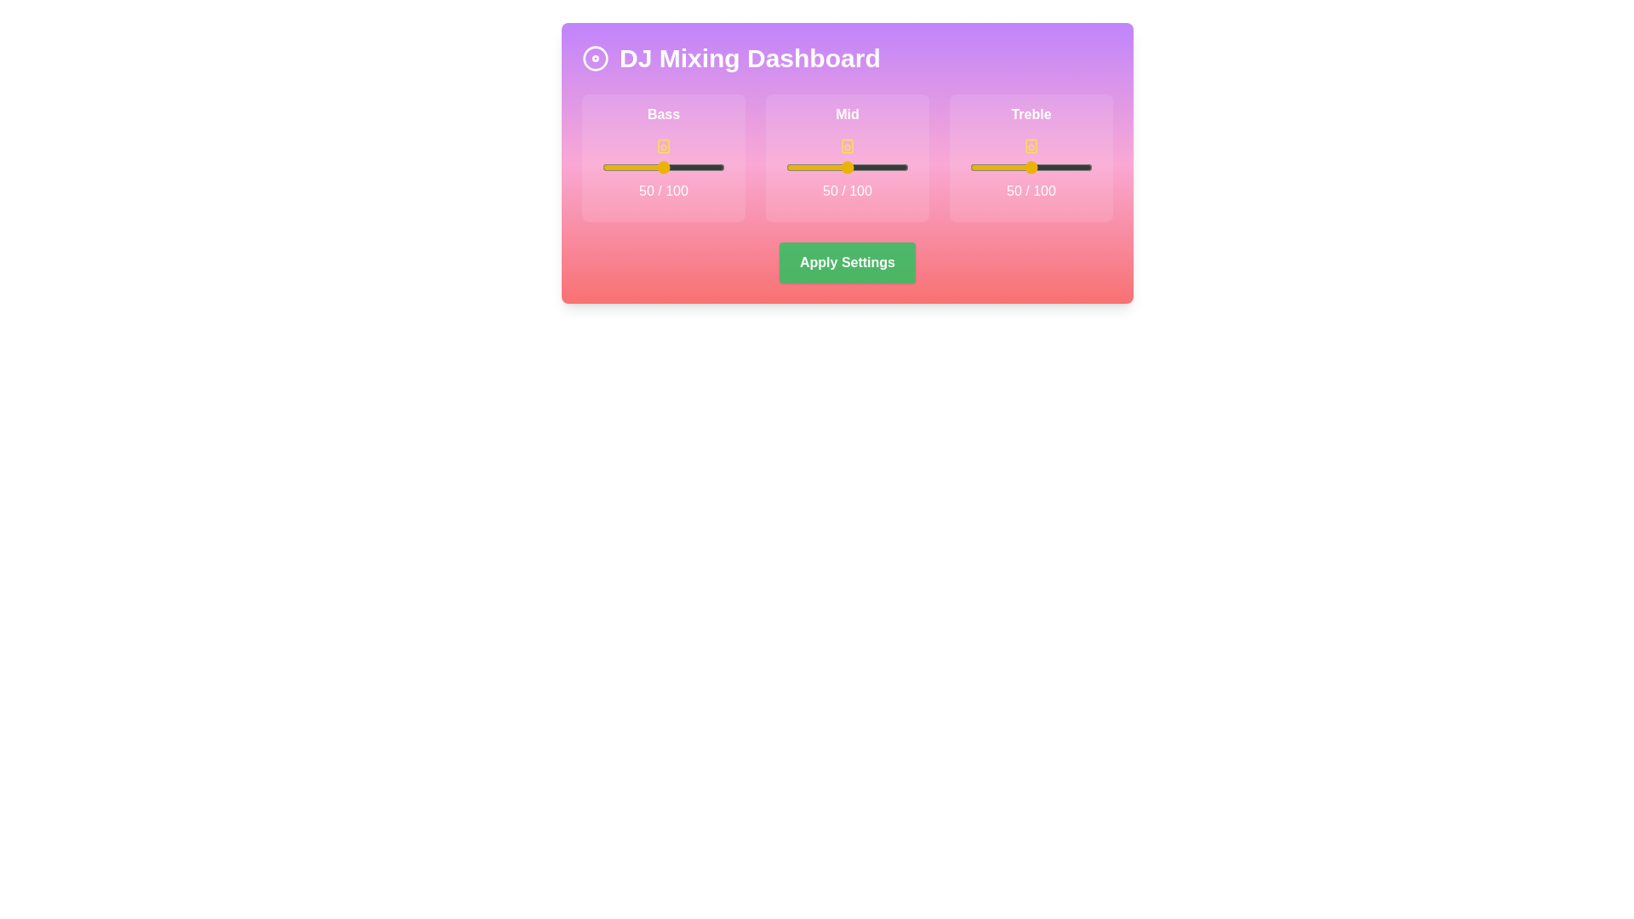 The image size is (1634, 919). I want to click on the slider labeled mid to view its current value, so click(848, 167).